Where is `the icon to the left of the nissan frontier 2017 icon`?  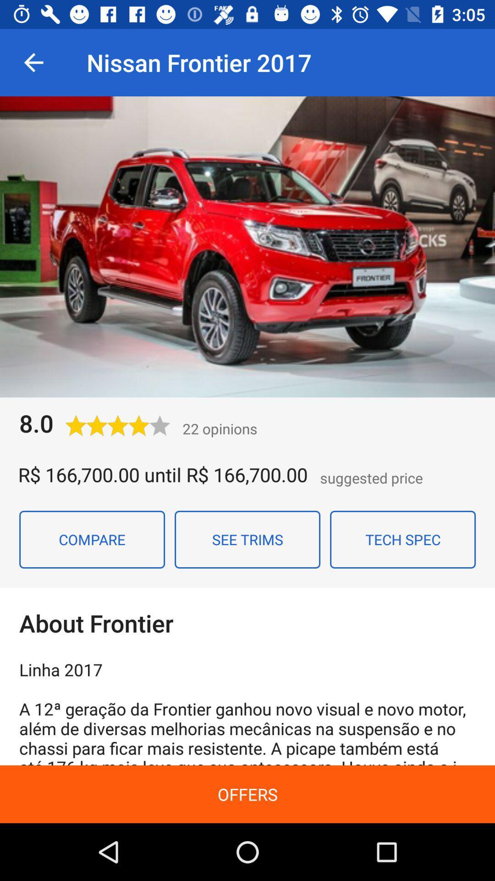 the icon to the left of the nissan frontier 2017 icon is located at coordinates (33, 62).